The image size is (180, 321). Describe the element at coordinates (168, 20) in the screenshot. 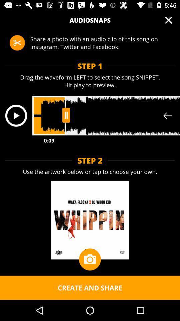

I see `item above share a photo app` at that location.